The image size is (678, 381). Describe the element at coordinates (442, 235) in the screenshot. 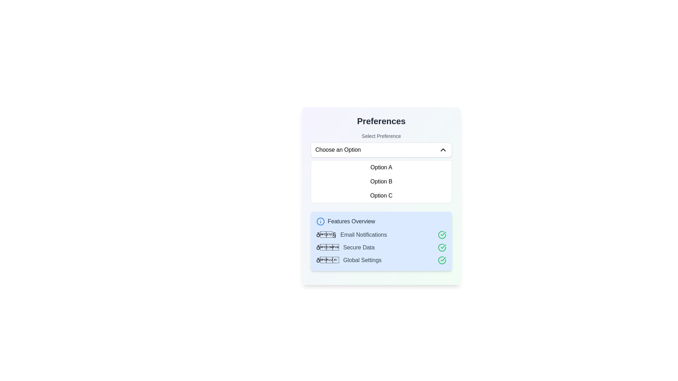

I see `the Email Notifications icon, which indicates that it is enabled or active, located in the Features Overview section to the right of the text 'Email Notifications'` at that location.